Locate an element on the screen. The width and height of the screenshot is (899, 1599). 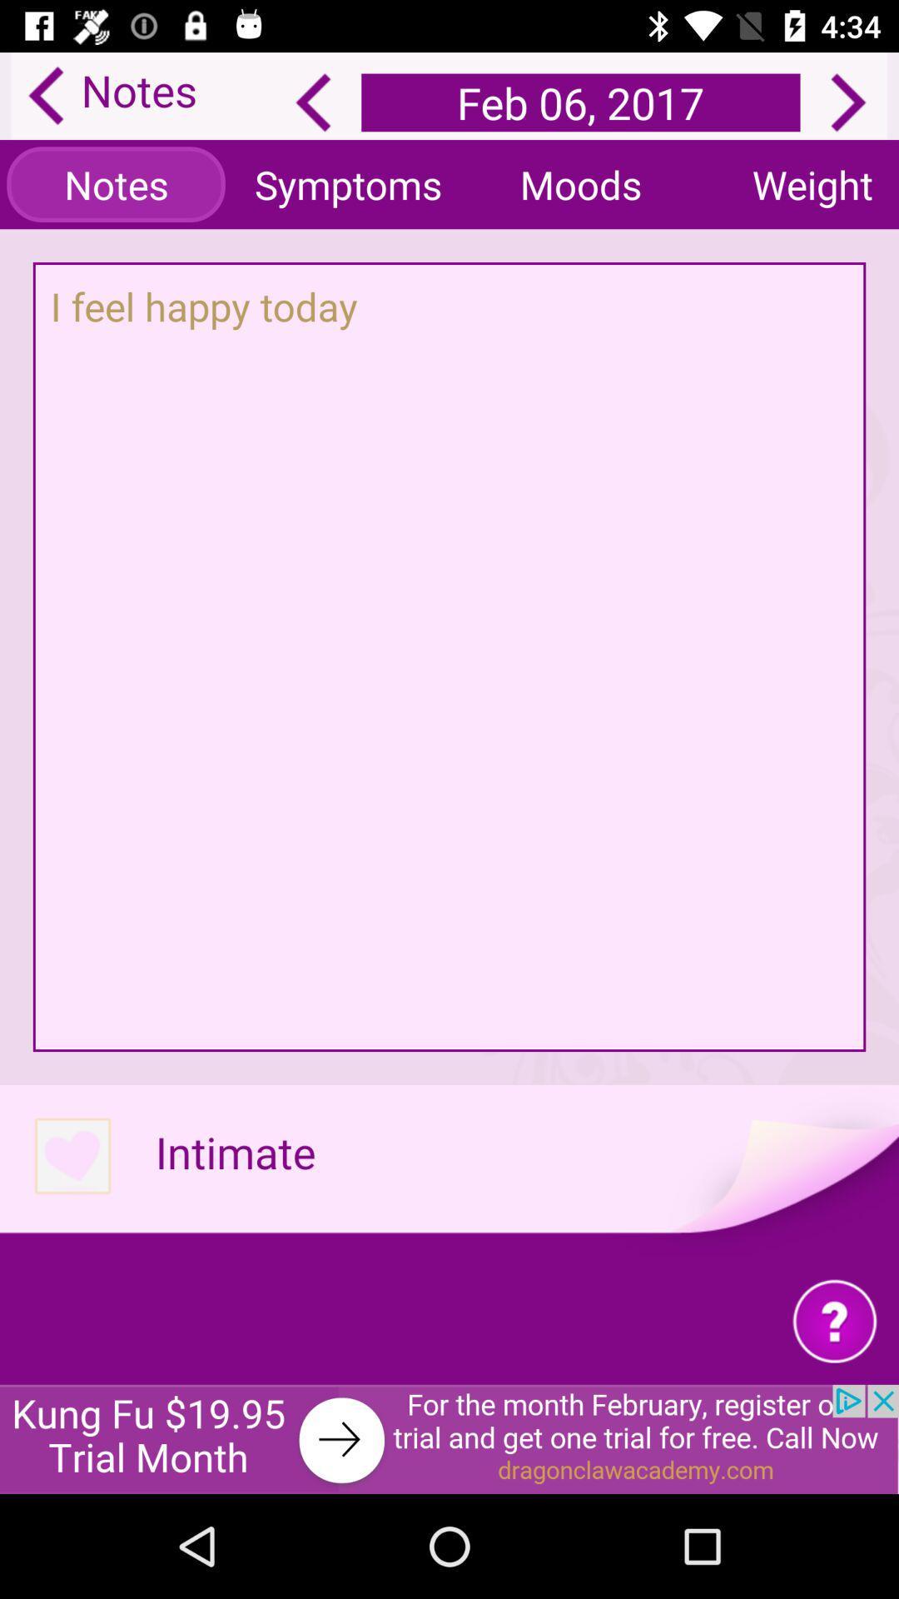
next date is located at coordinates (848, 102).